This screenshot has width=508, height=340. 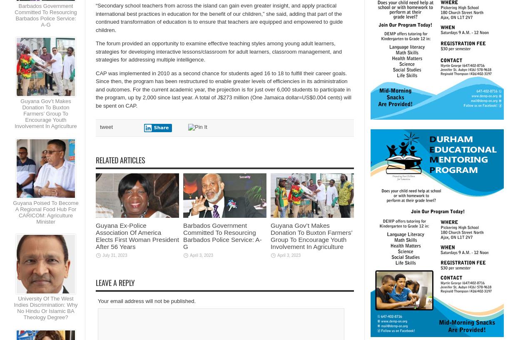 I want to click on 'CAP was implemented in 2010 as a second chance for students aged 16 to 18 to fulfill their career goals. Since then, the program has been restructured to enable greater levels of efficiencies in its administration and outcomes. For the current academic year, the projection is for just over 6,000 students to participate in the program, up by 2,000 since last year. A total of J$273 million (One Jamaica dollar=US$0.004 cents) will be spent on CAP.', so click(x=223, y=89).